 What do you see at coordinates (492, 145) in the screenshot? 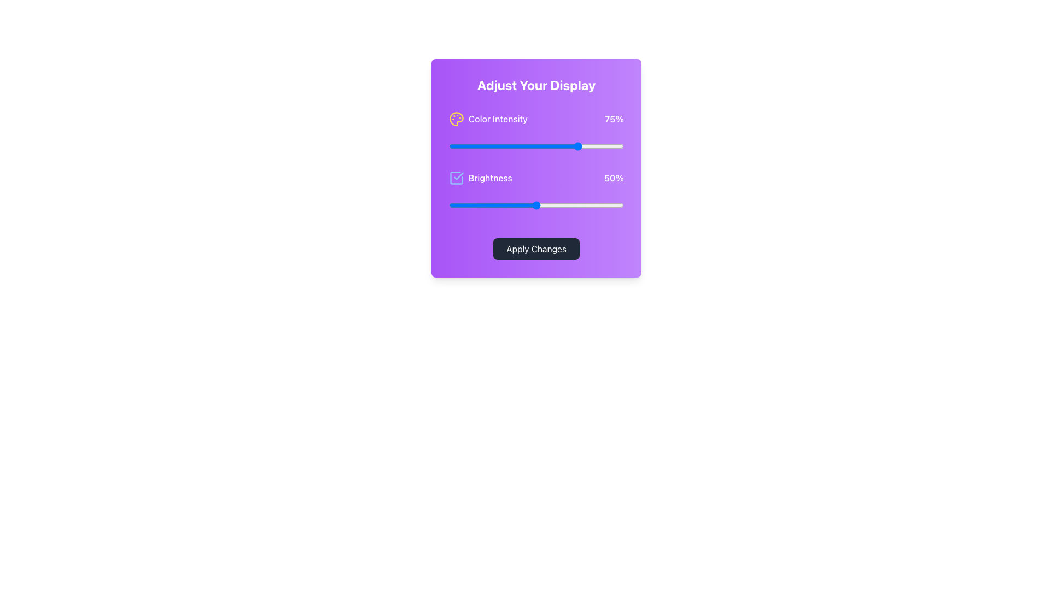
I see `the slider` at bounding box center [492, 145].